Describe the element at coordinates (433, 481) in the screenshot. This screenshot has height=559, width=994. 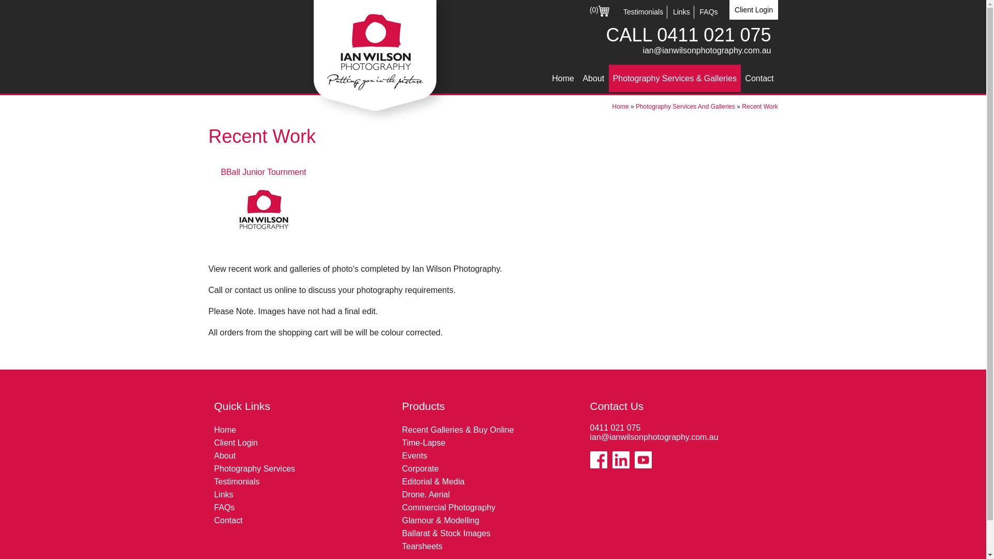
I see `'Editorial & Media'` at that location.